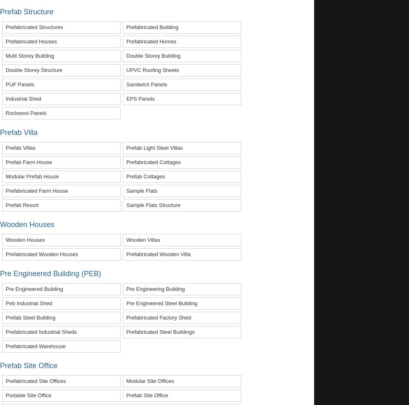 The image size is (409, 405). I want to click on 'prefabricated homes', so click(151, 40).